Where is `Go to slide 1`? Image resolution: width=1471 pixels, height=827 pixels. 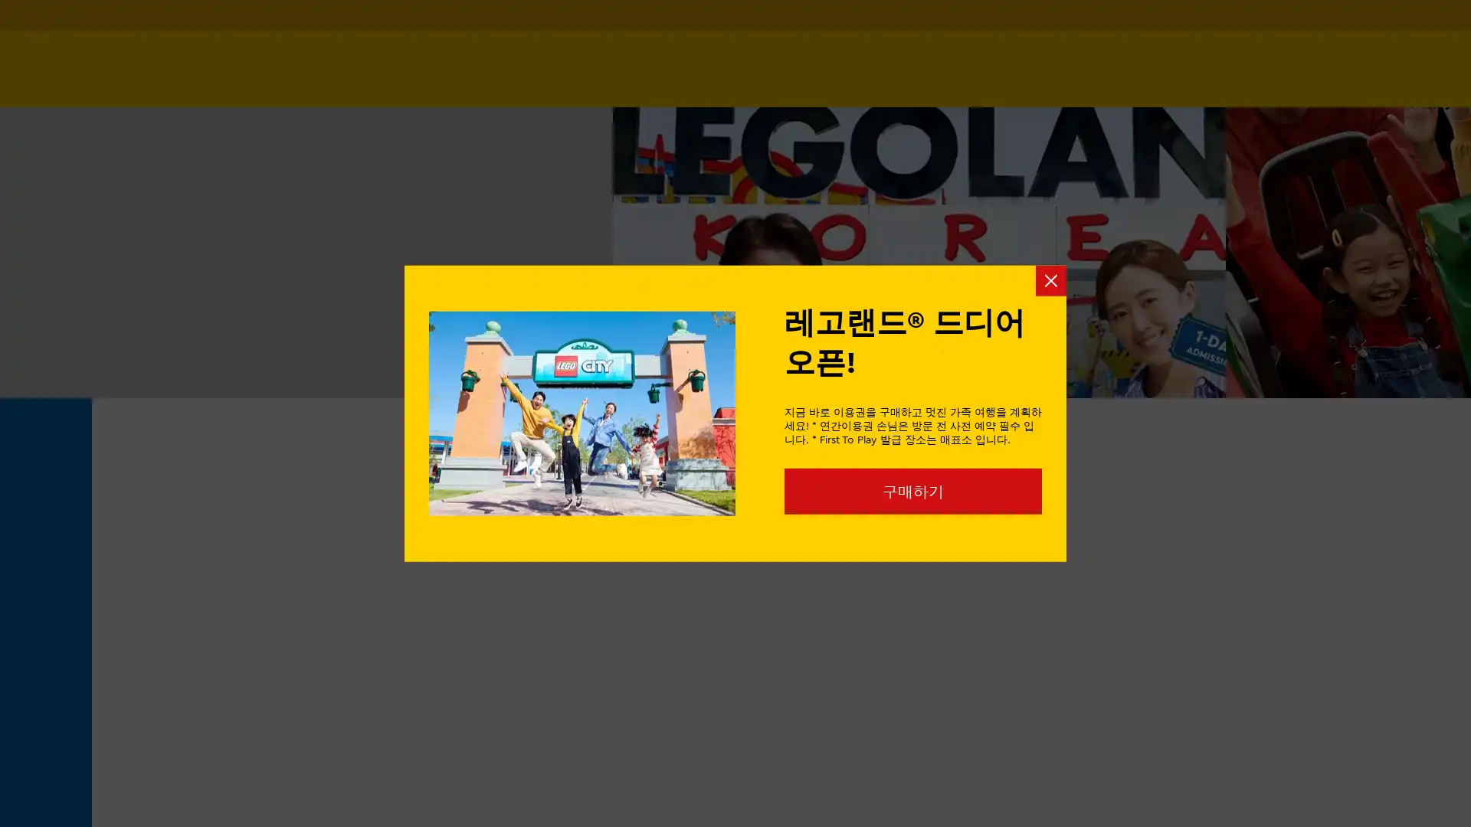 Go to slide 1 is located at coordinates (706, 593).